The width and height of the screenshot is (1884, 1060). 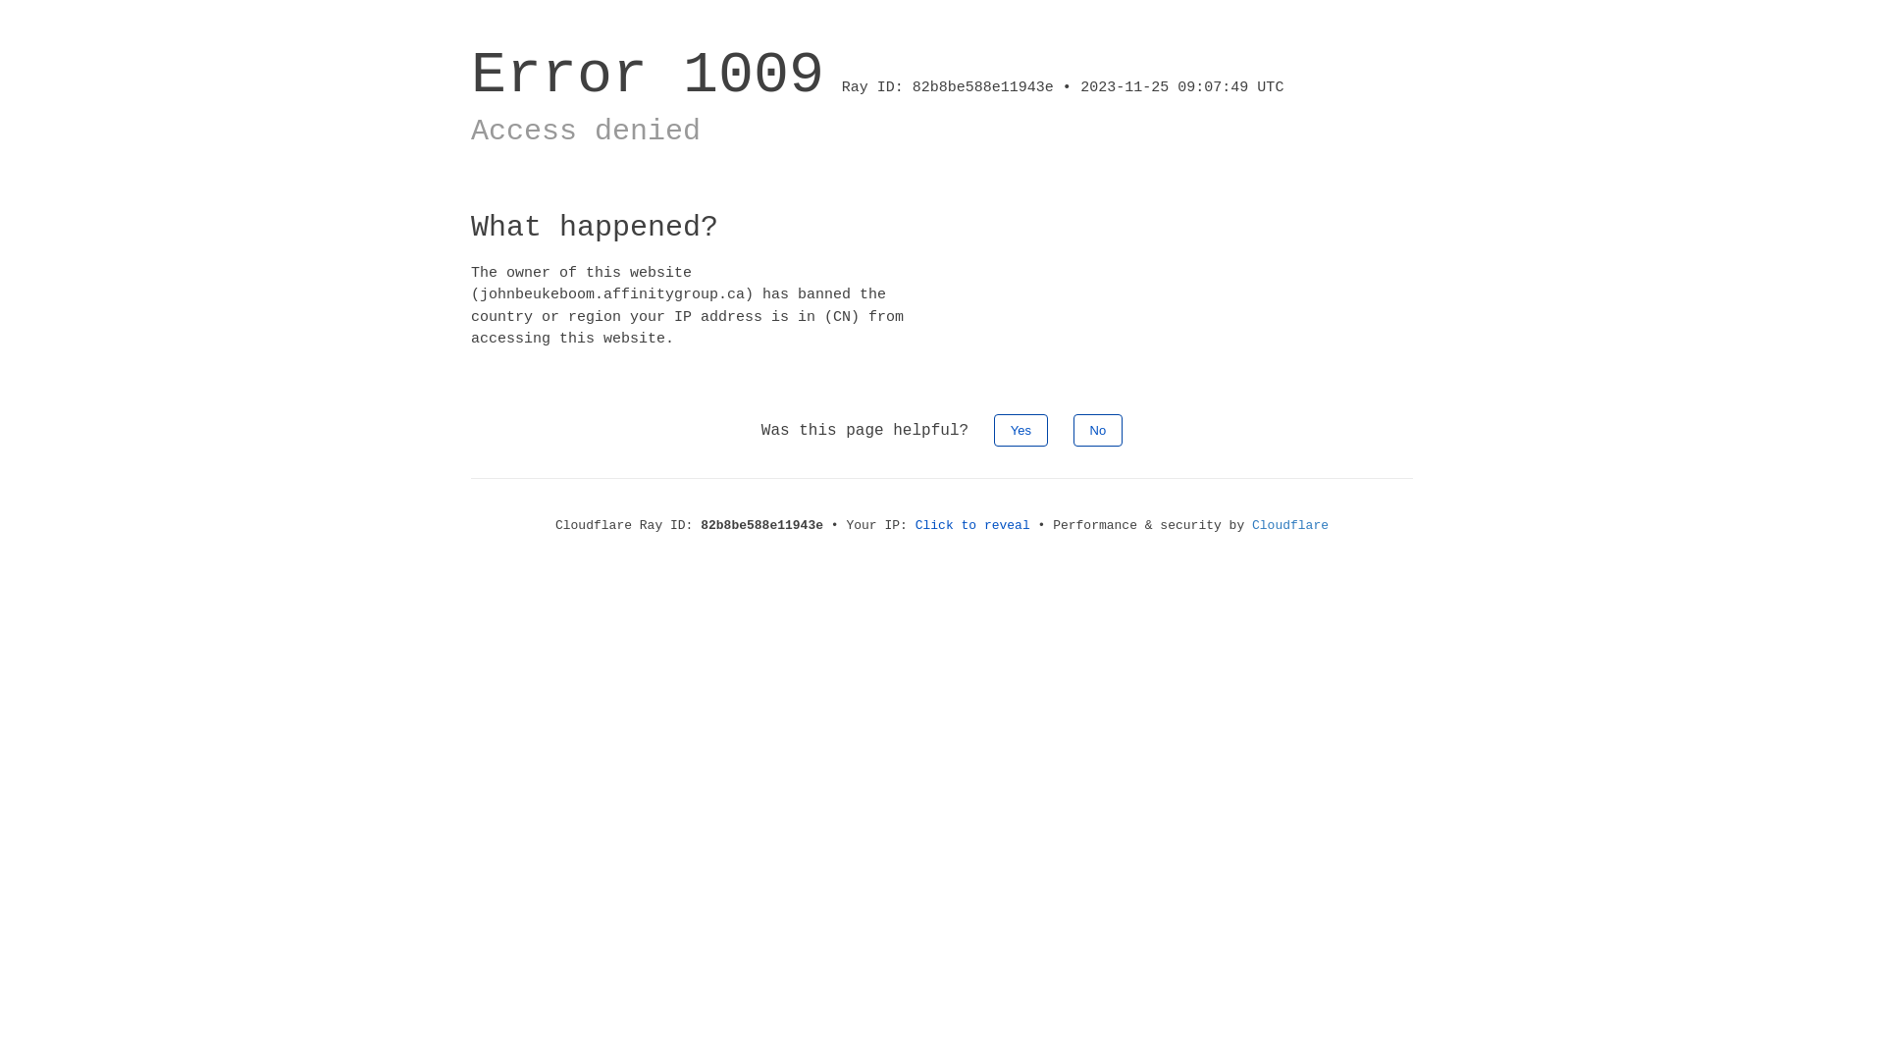 I want to click on 'Yes', so click(x=1020, y=429).